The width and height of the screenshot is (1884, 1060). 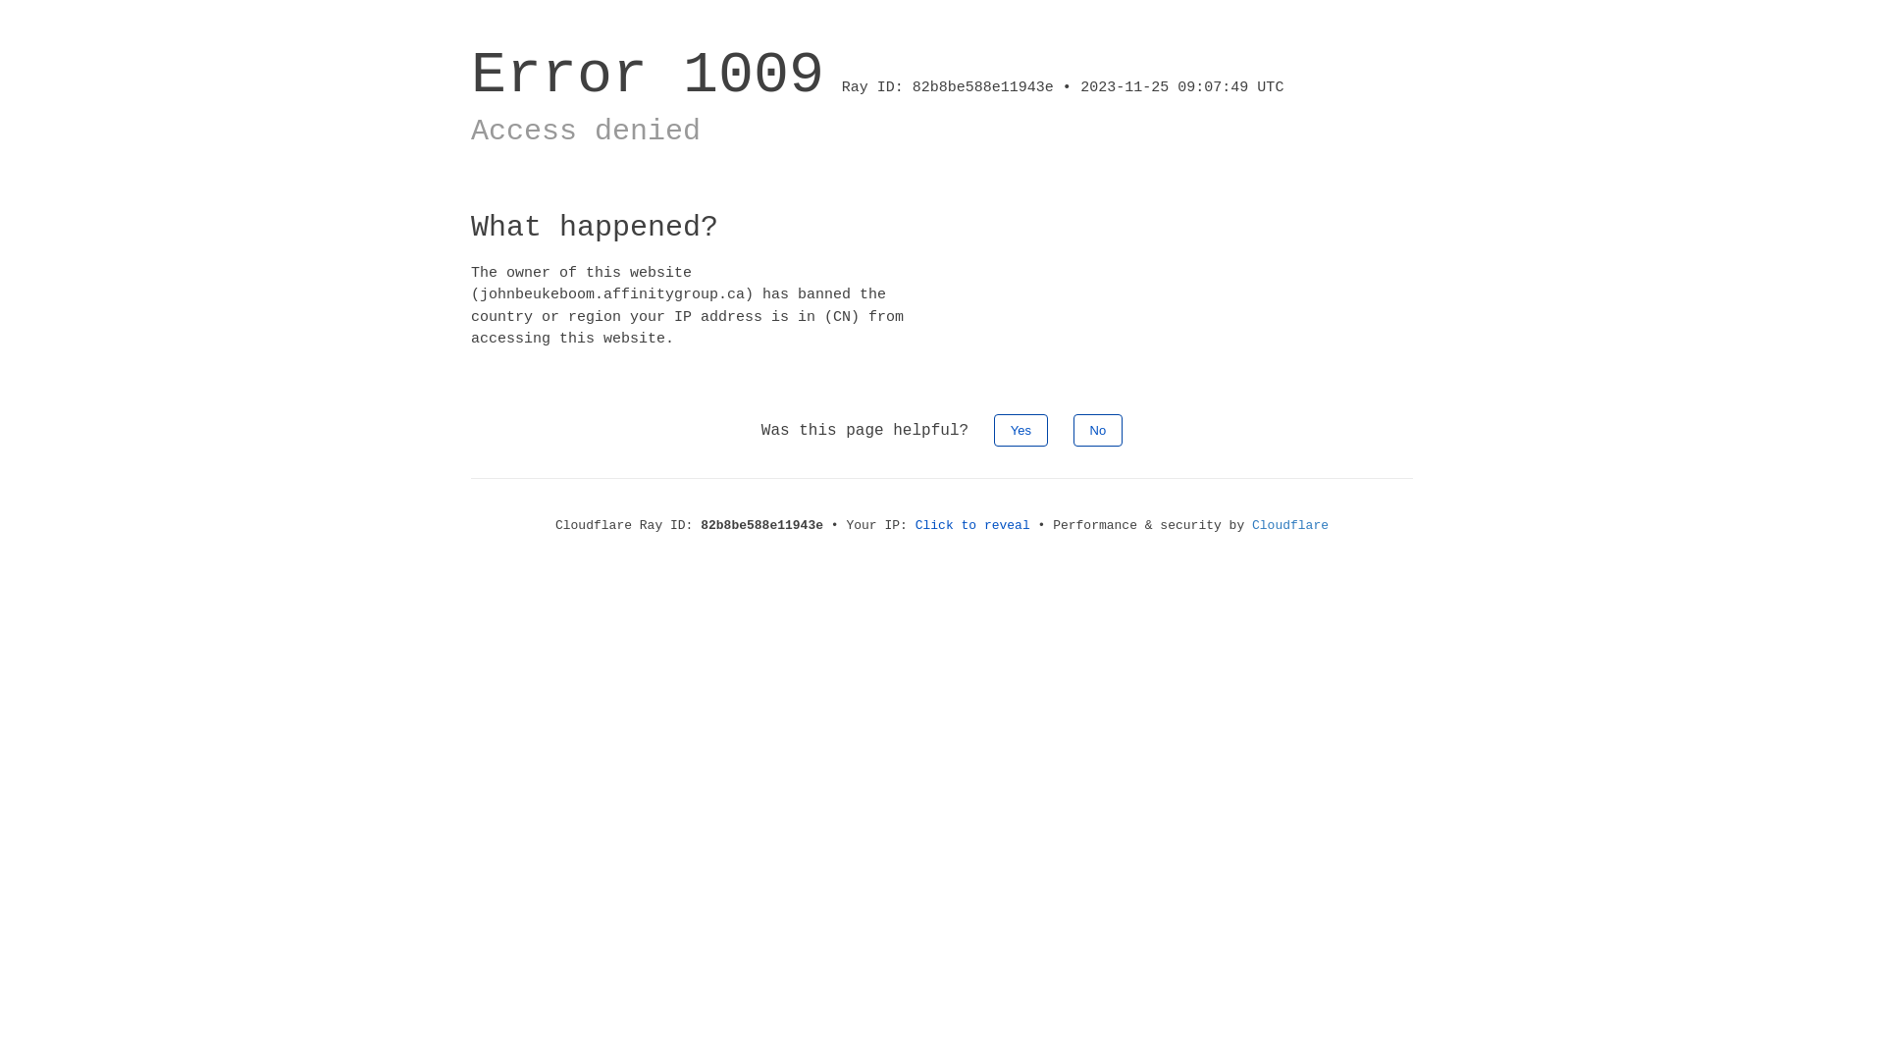 I want to click on 'Yes', so click(x=1020, y=429).